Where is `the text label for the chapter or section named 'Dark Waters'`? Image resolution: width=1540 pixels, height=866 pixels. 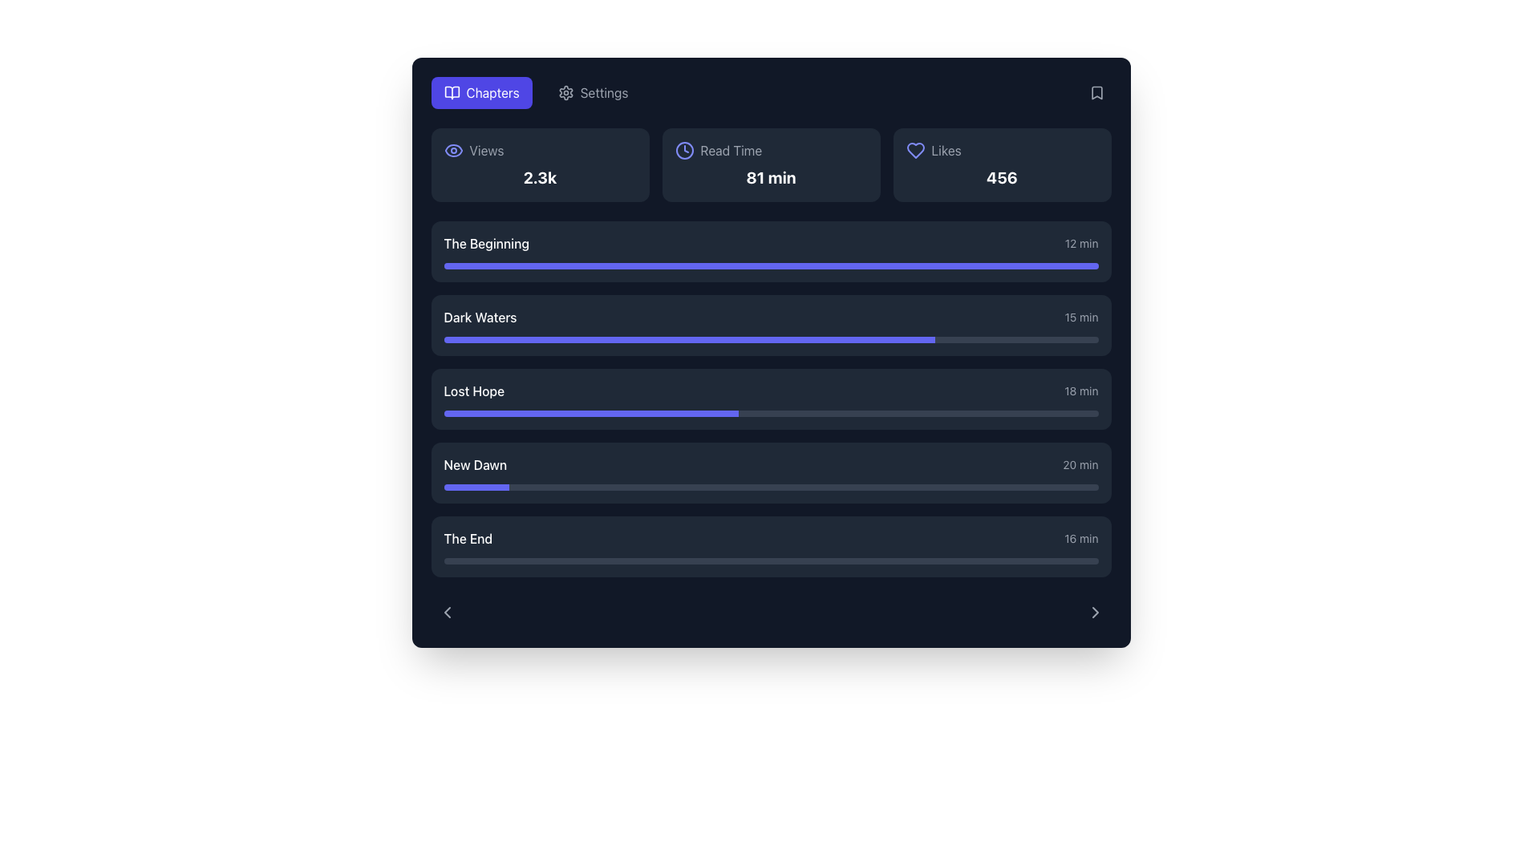
the text label for the chapter or section named 'Dark Waters' is located at coordinates (480, 318).